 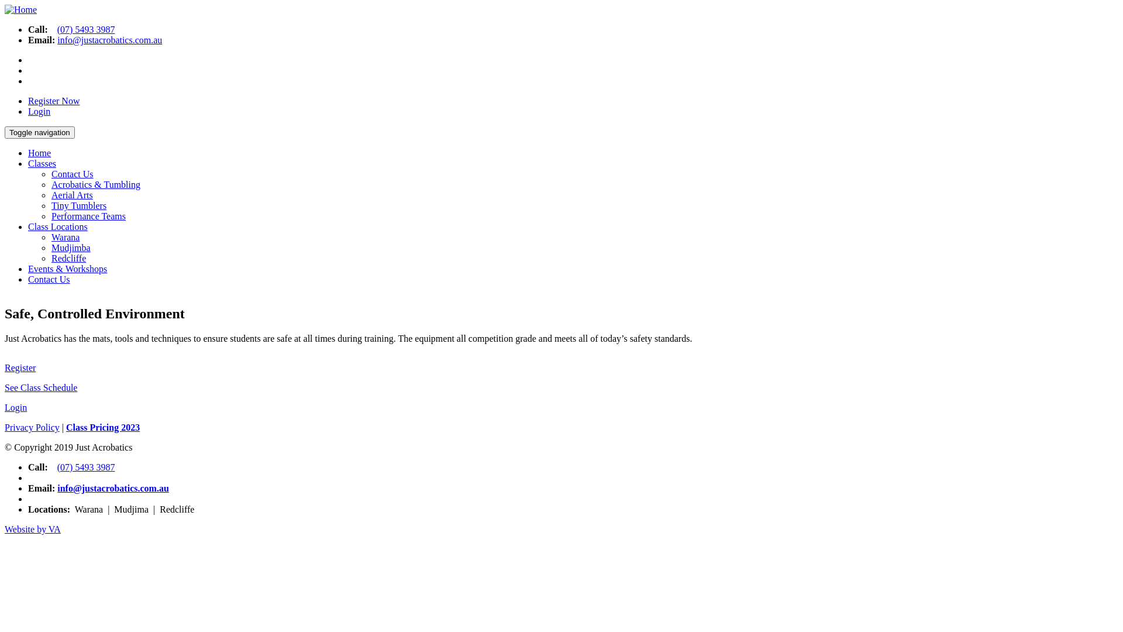 I want to click on 'Classes', so click(x=28, y=163).